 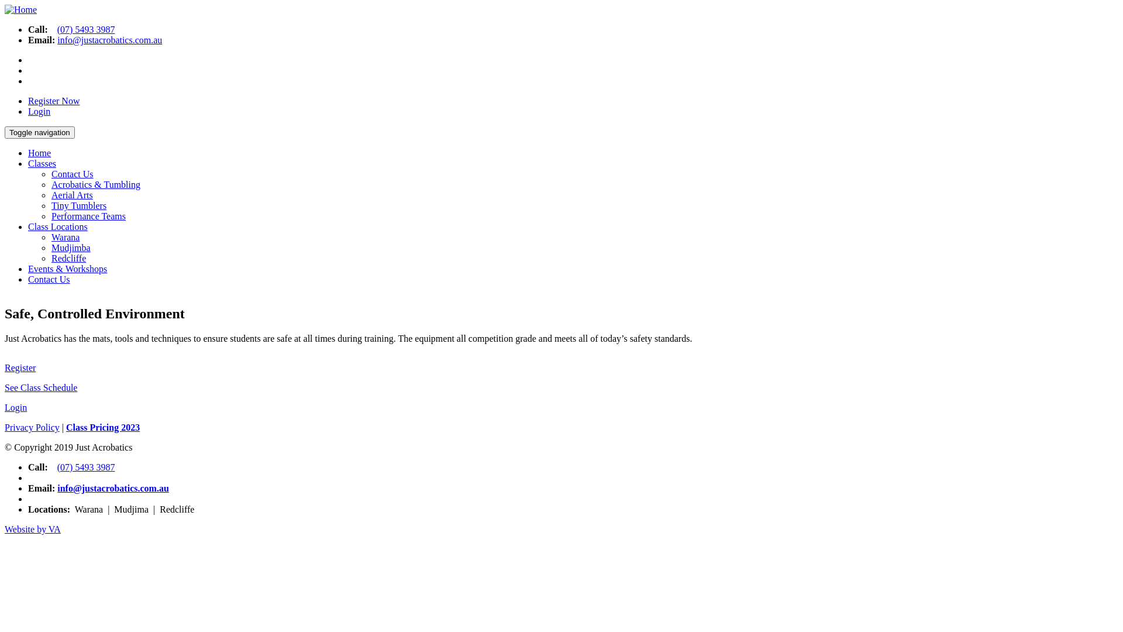 I want to click on 'Classes', so click(x=28, y=163).